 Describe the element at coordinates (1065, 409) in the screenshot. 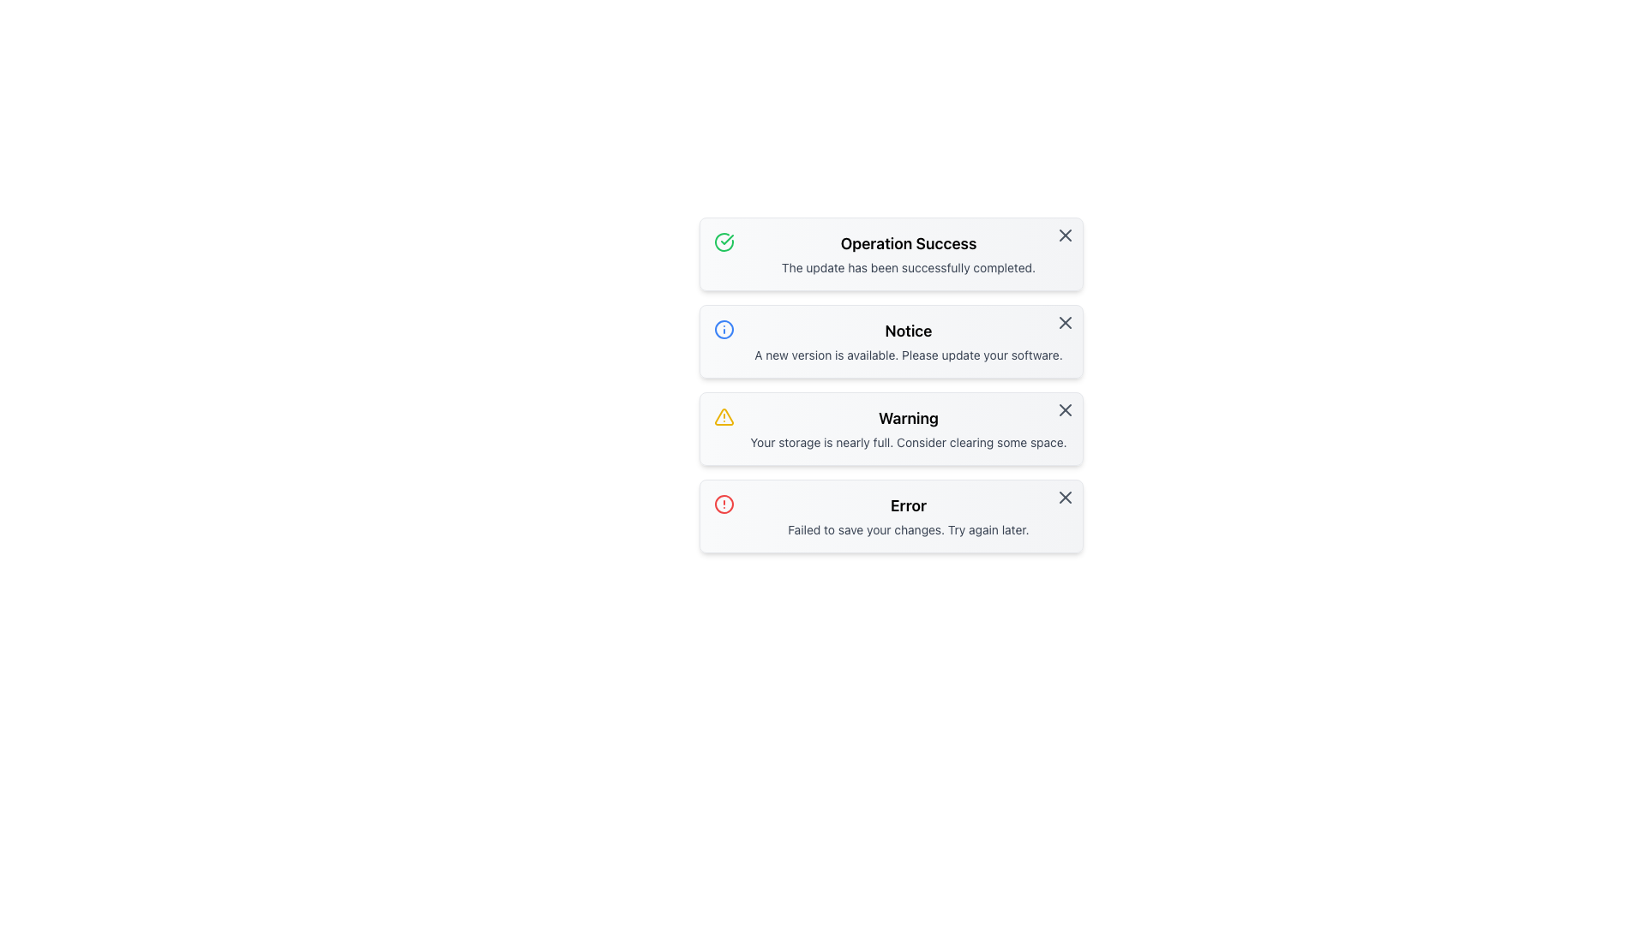

I see `the close ('X') button located at the top-right corner of the 'Warning' notification card` at that location.